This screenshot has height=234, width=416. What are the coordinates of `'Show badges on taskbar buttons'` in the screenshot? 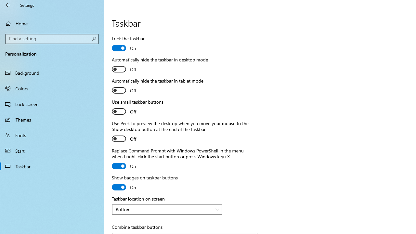 It's located at (144, 183).